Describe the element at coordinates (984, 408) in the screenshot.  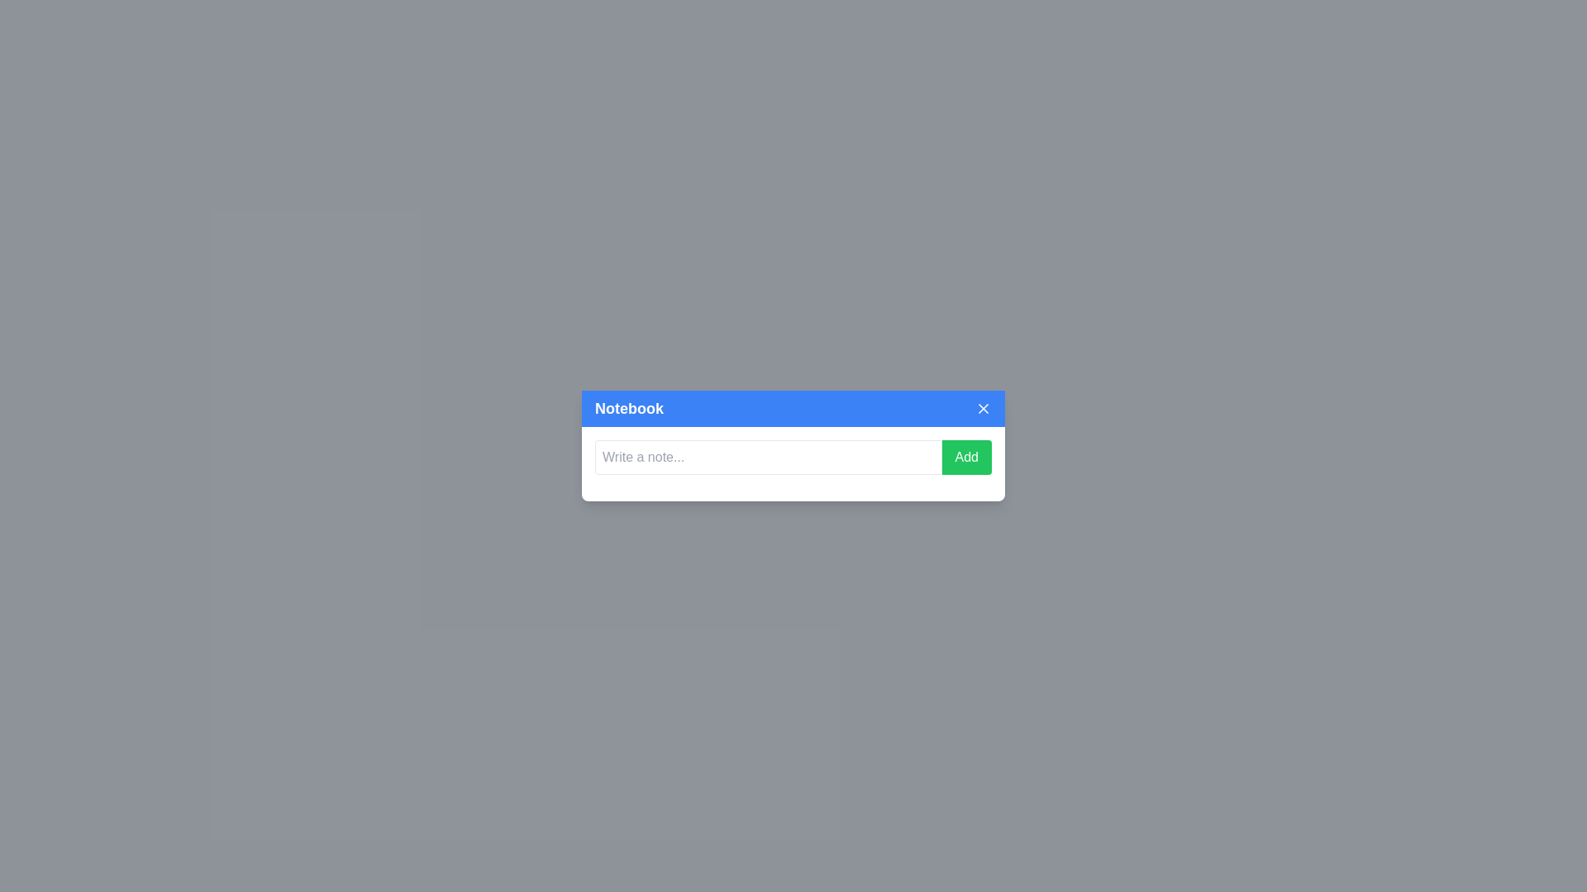
I see `the close button (X) in the top-right corner of the notebook dialog` at that location.